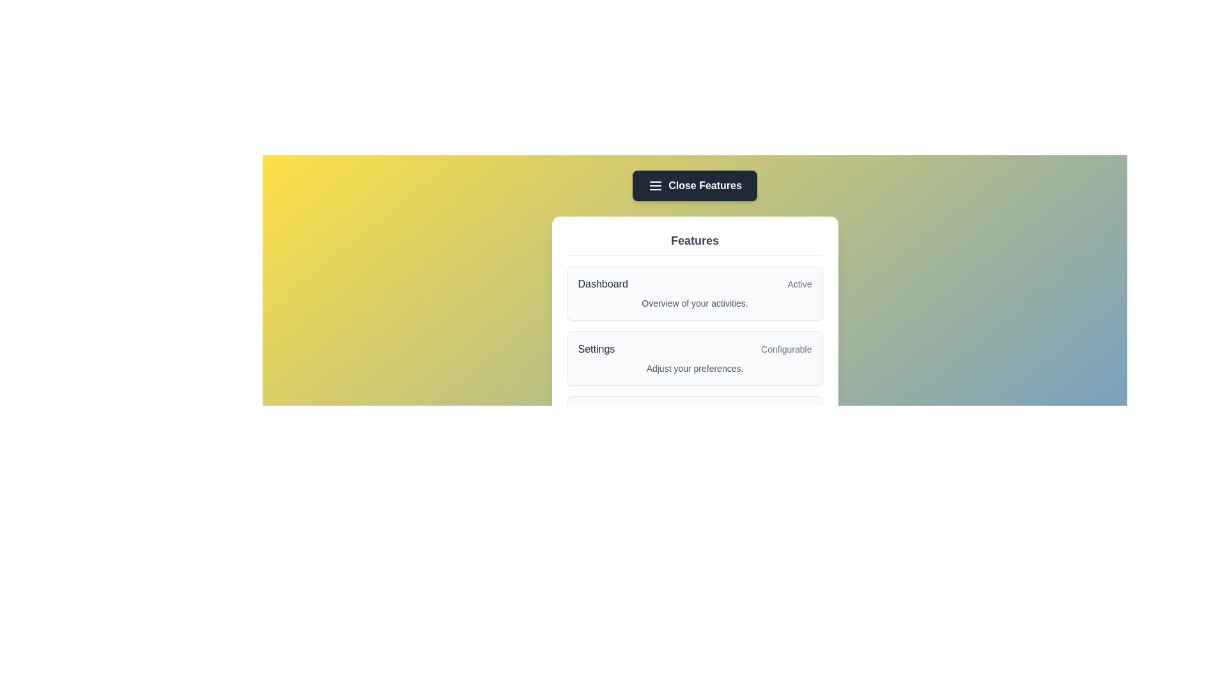 The height and width of the screenshot is (690, 1227). I want to click on the 'Active' label indicator that is styled with gray font and is positioned to the right of the 'Dashboard' text within the 'Features' section, so click(799, 283).